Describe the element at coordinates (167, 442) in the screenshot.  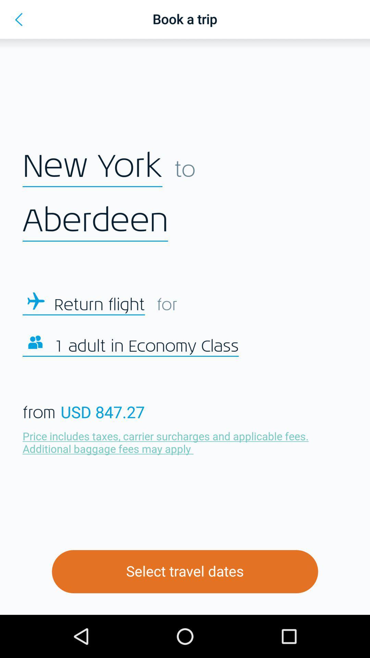
I see `price includes taxes item` at that location.